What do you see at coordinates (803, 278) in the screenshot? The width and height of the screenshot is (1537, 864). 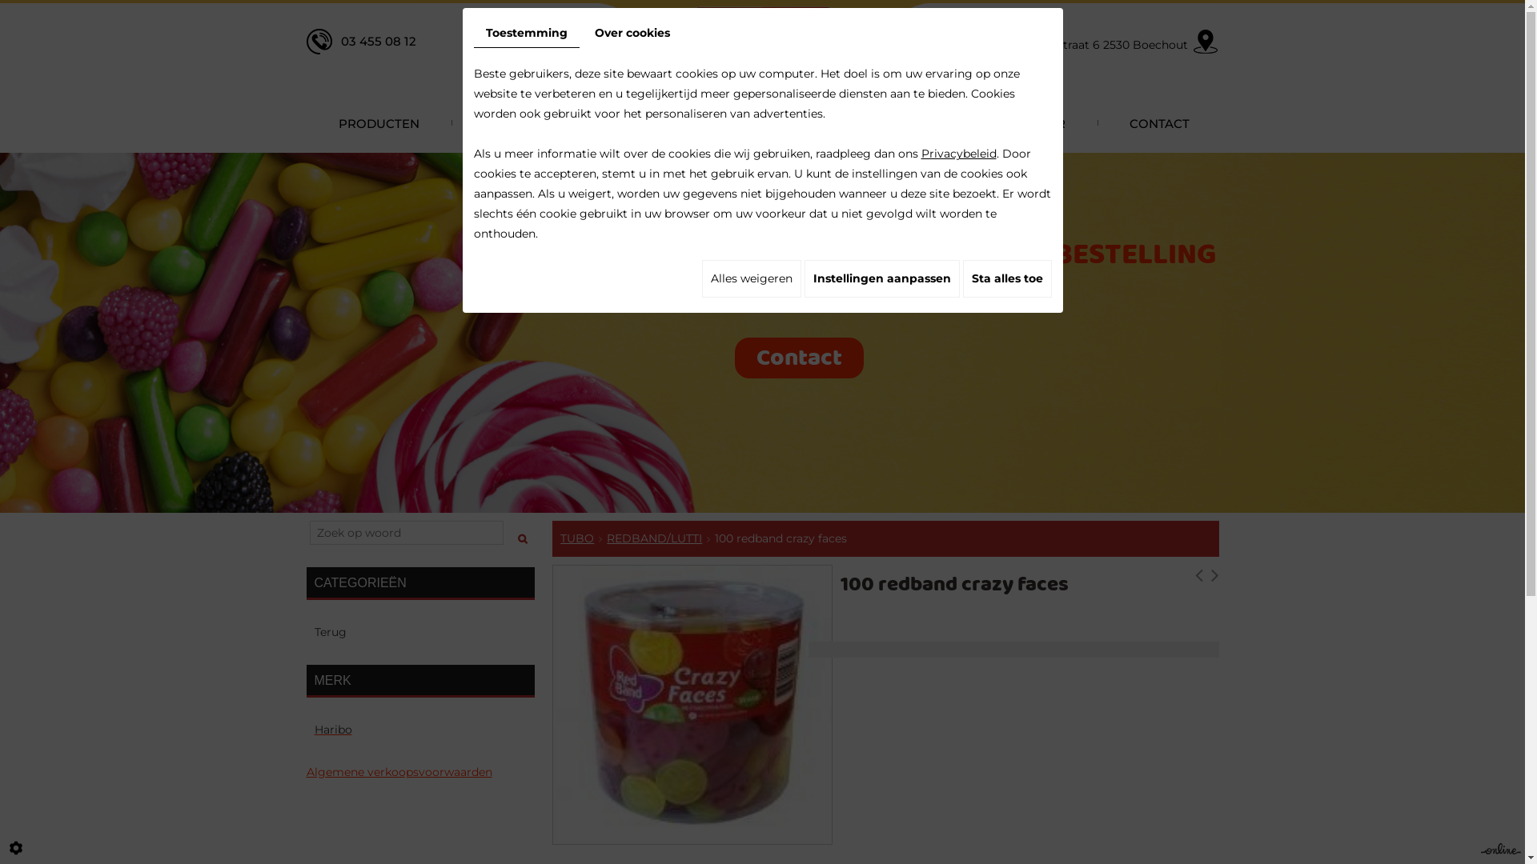 I see `'Instellingen aanpassen'` at bounding box center [803, 278].